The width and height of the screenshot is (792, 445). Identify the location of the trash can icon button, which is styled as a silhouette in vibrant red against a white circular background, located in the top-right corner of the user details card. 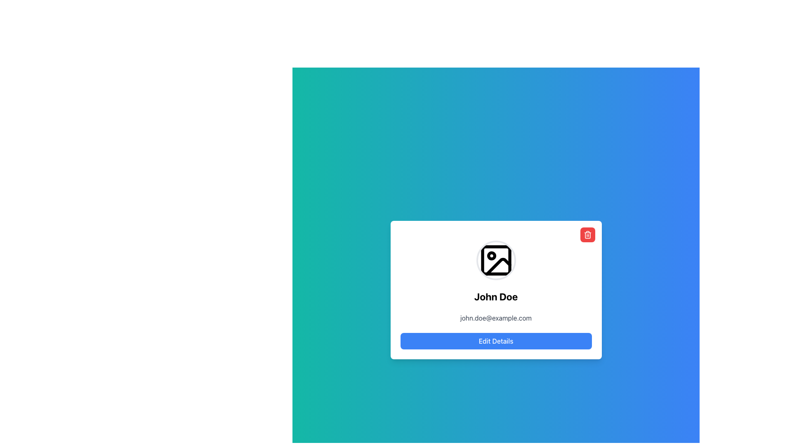
(587, 235).